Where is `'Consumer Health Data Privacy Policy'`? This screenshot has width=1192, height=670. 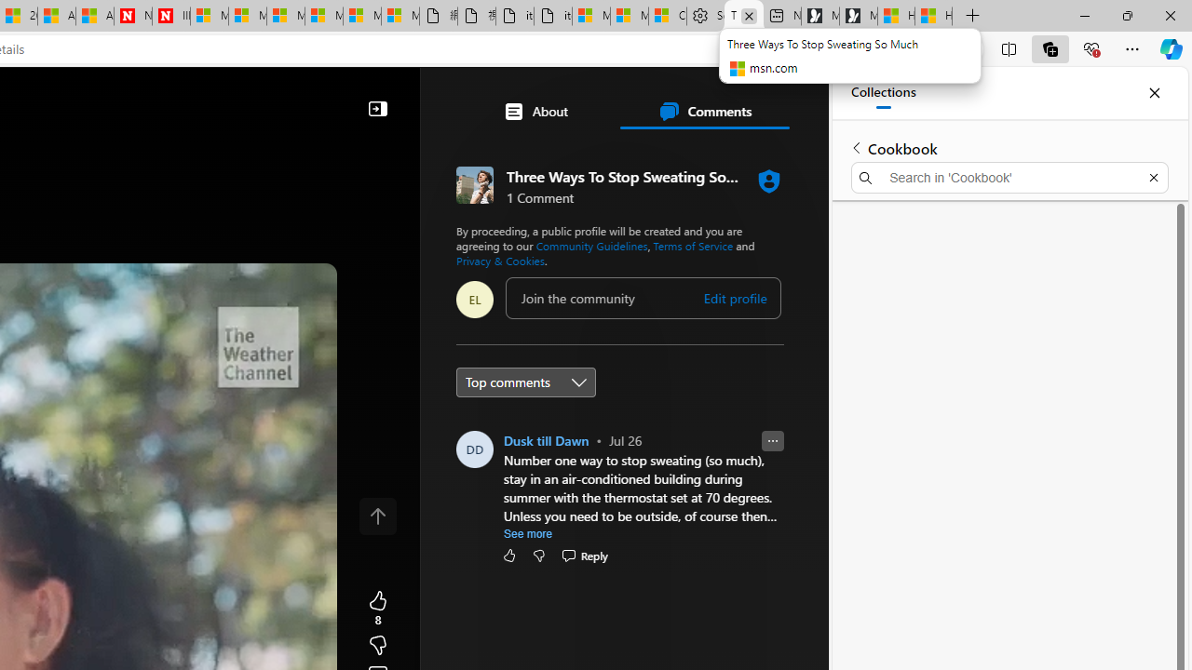 'Consumer Health Data Privacy Policy' is located at coordinates (668, 16).